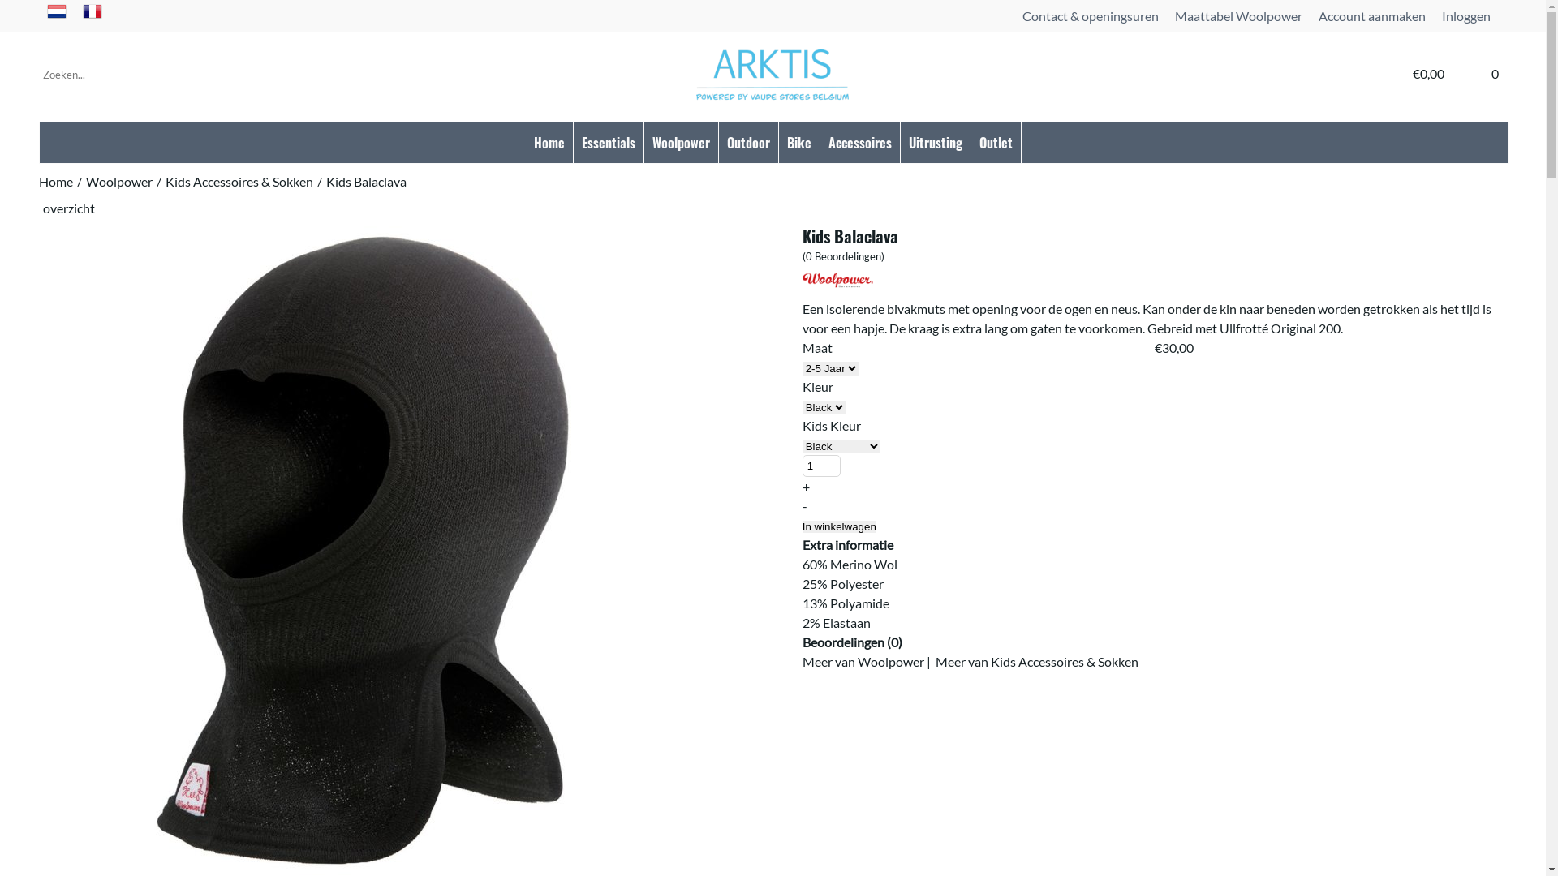 The width and height of the screenshot is (1558, 876). Describe the element at coordinates (1091, 15) in the screenshot. I see `'Contact & openingsuren'` at that location.